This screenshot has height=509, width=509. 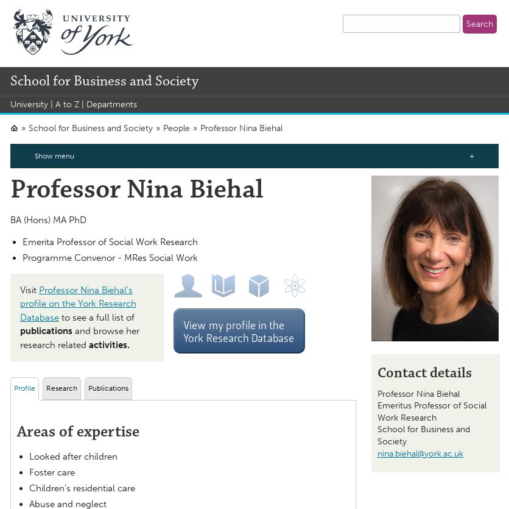 What do you see at coordinates (447, 393) in the screenshot?
I see `'Biehal'` at bounding box center [447, 393].